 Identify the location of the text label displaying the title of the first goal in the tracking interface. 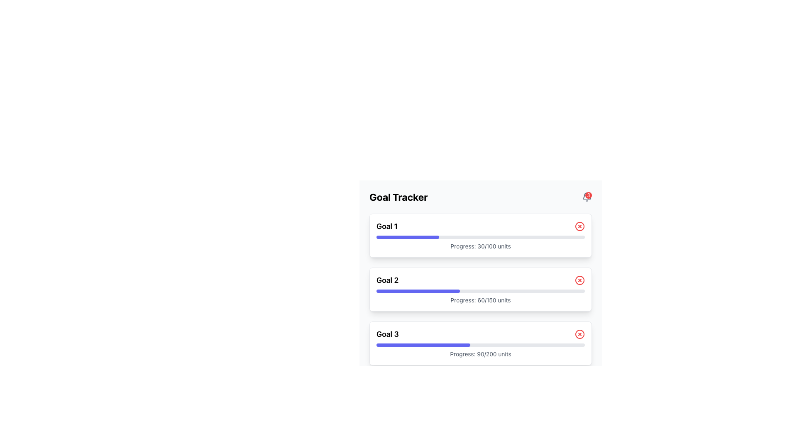
(386, 226).